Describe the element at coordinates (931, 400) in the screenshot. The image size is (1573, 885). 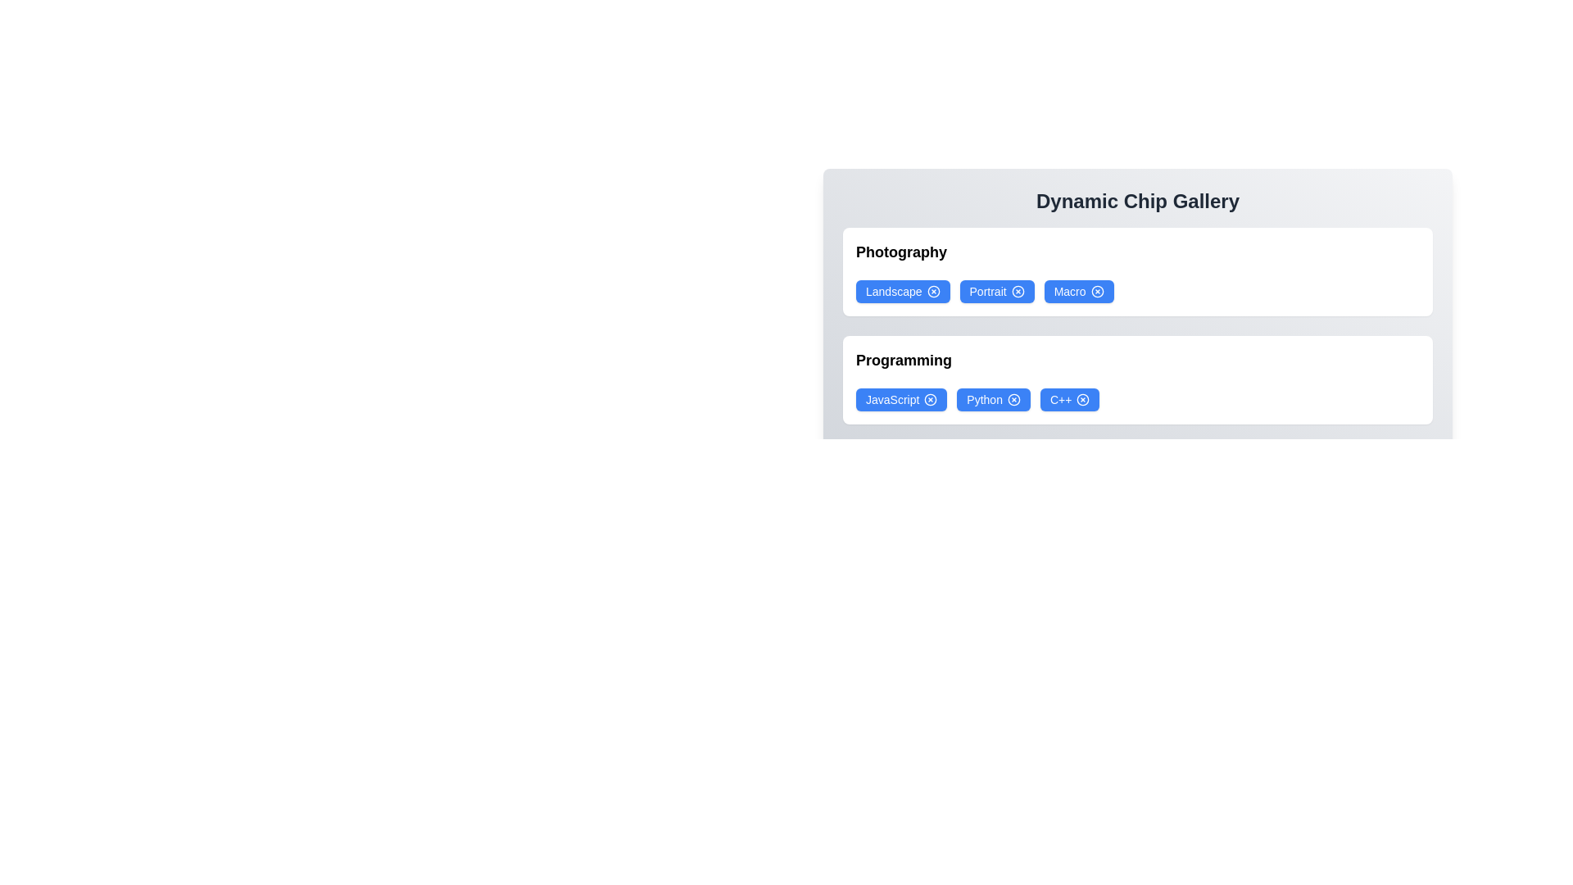
I see `'X' icon on the chip labeled JavaScript to remove it` at that location.